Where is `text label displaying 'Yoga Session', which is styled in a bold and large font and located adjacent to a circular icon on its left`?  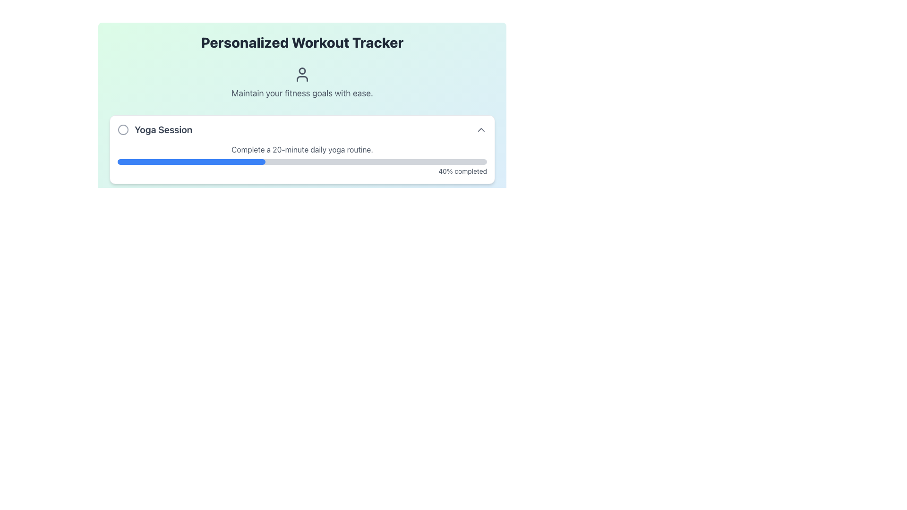
text label displaying 'Yoga Session', which is styled in a bold and large font and located adjacent to a circular icon on its left is located at coordinates (155, 129).